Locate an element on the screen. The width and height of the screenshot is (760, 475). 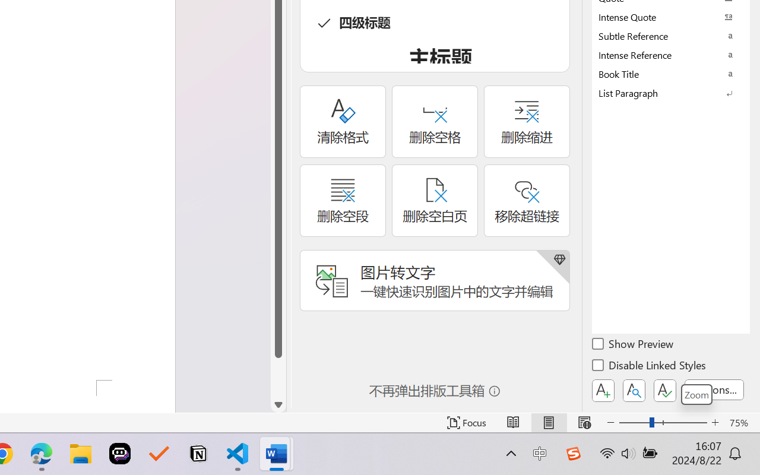
'Read Mode' is located at coordinates (513, 422).